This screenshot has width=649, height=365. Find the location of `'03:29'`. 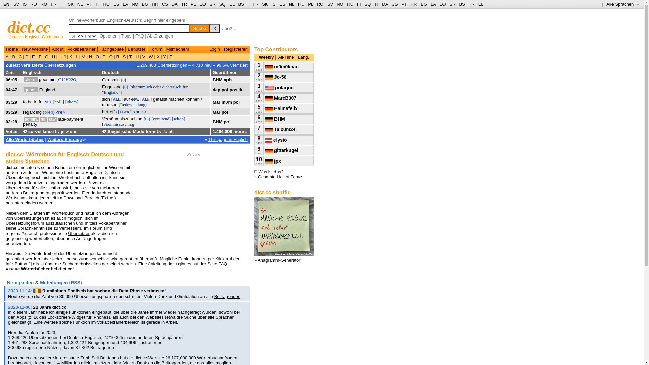

'03:29' is located at coordinates (11, 102).